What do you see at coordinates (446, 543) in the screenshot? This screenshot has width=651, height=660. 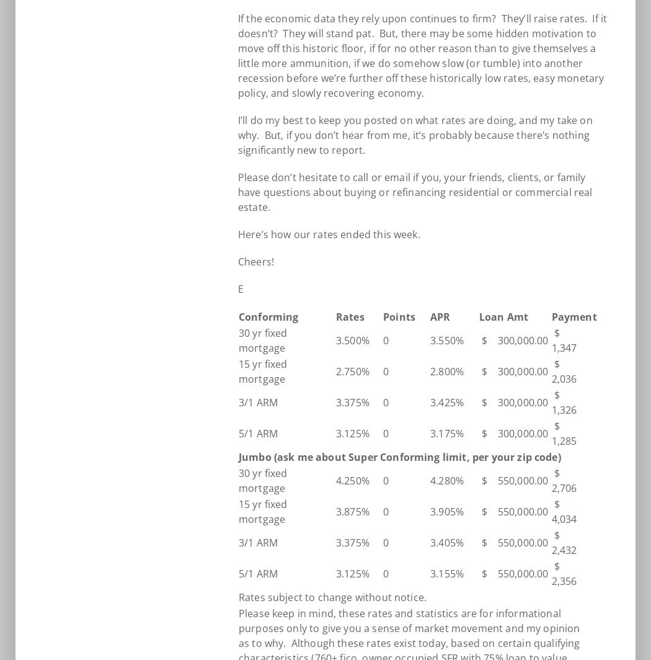 I see `'3.405%'` at bounding box center [446, 543].